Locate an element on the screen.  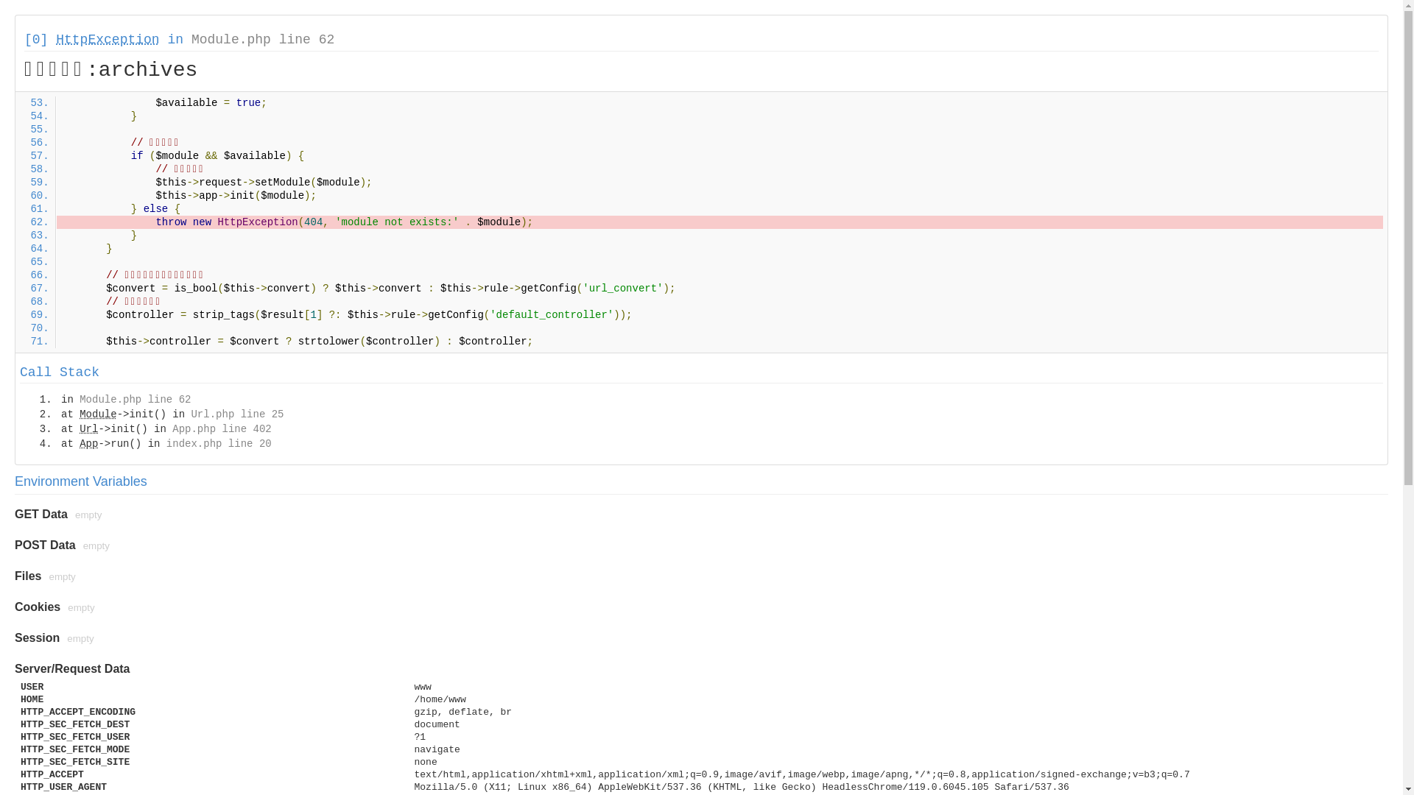
'index.php line 20' is located at coordinates (218, 442).